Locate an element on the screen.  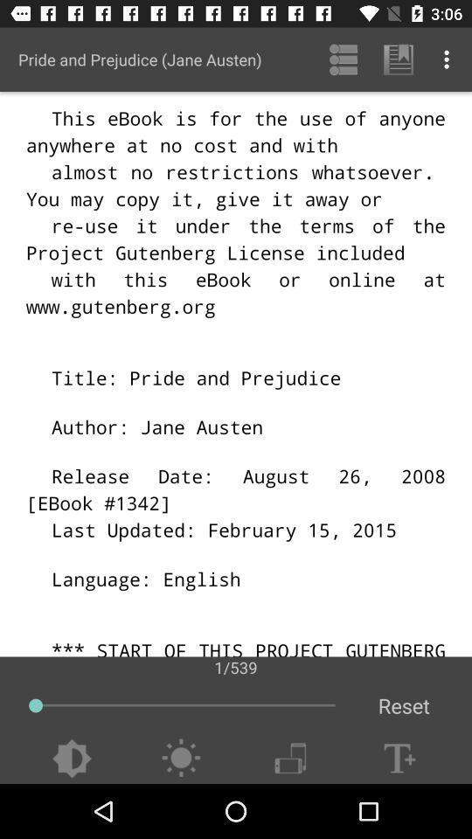
adjust the contrast is located at coordinates (71, 758).